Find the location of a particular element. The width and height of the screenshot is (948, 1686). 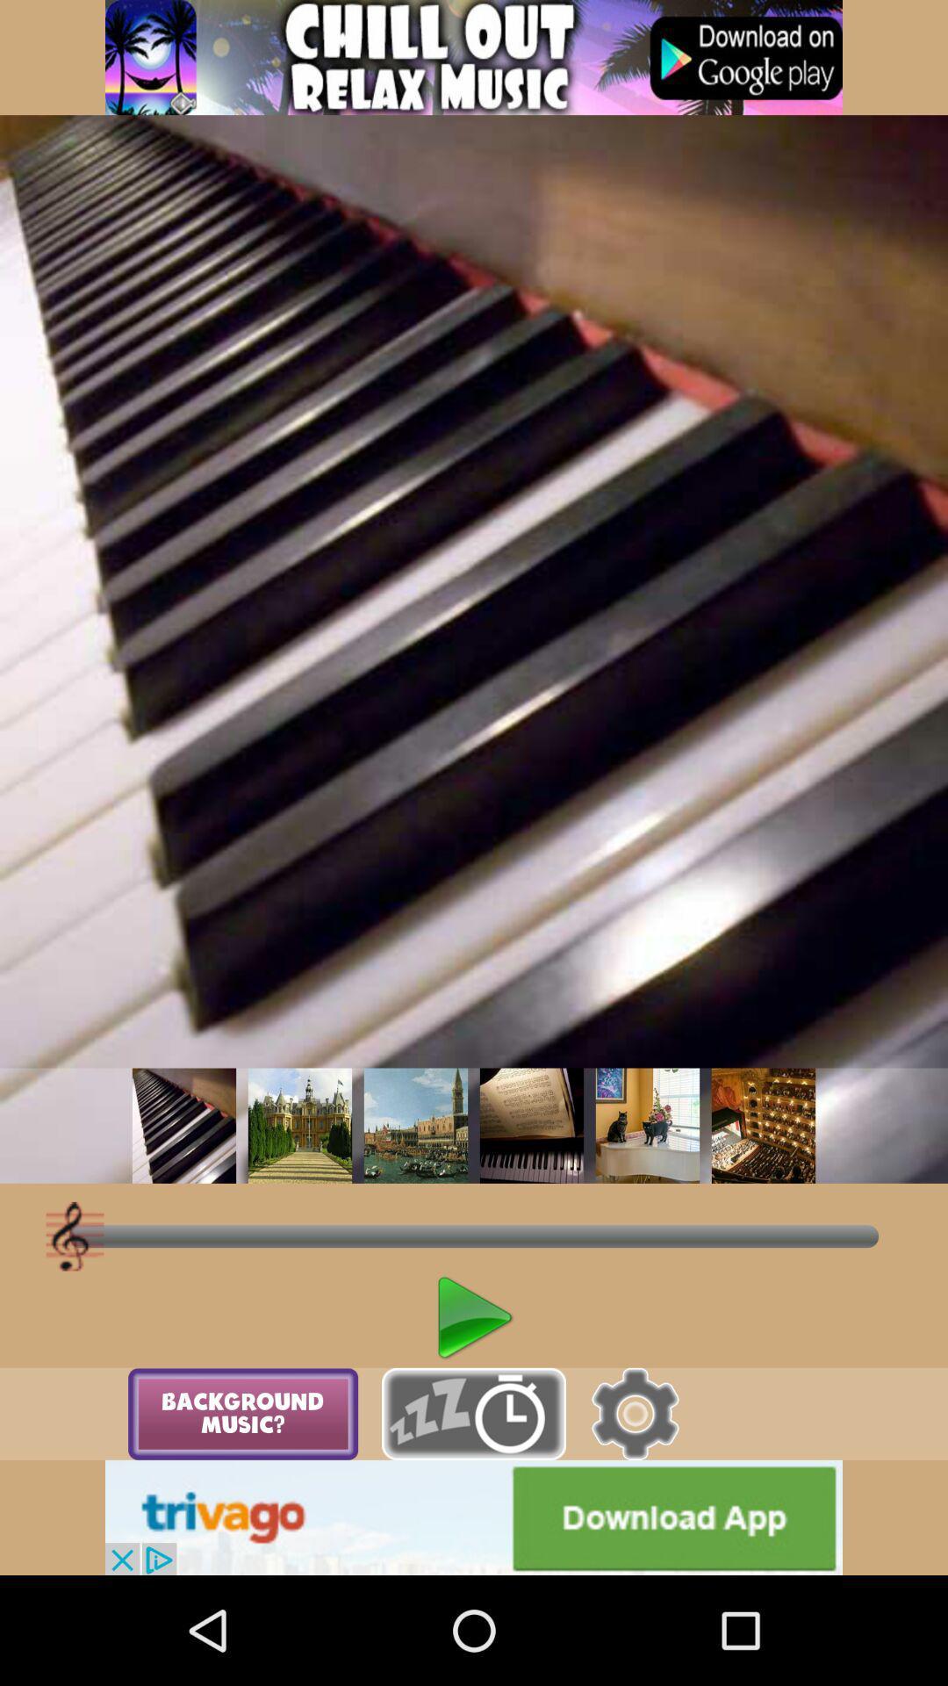

settings is located at coordinates (635, 1414).